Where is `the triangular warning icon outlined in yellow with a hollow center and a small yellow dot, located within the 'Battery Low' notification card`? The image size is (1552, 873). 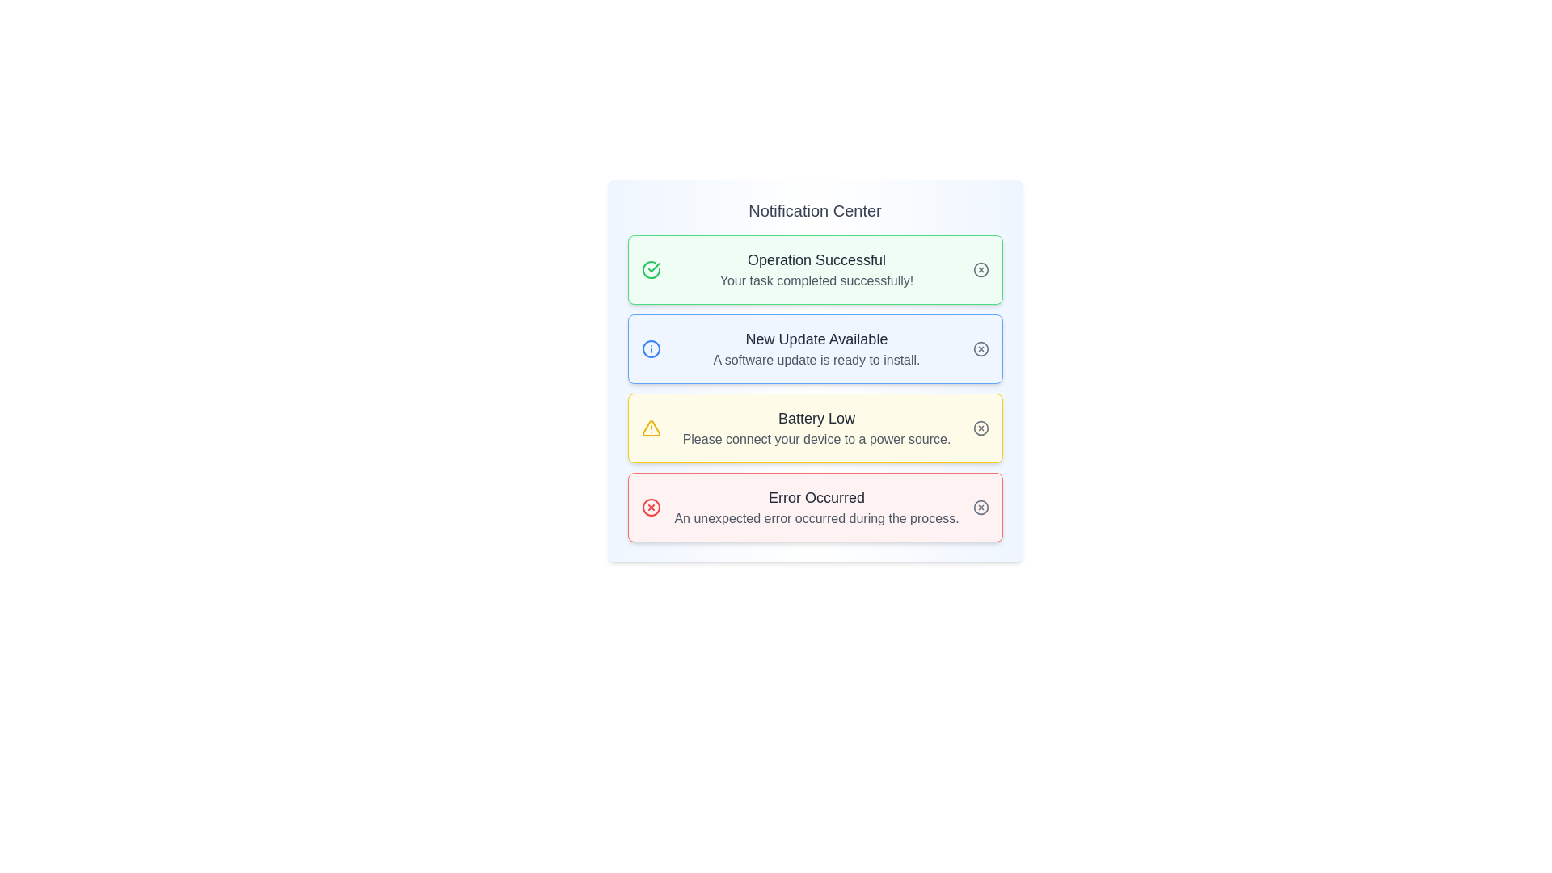 the triangular warning icon outlined in yellow with a hollow center and a small yellow dot, located within the 'Battery Low' notification card is located at coordinates (651, 427).